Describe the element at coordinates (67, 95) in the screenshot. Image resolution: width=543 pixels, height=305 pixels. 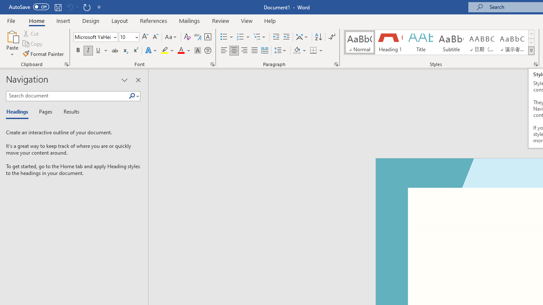
I see `'Search document'` at that location.